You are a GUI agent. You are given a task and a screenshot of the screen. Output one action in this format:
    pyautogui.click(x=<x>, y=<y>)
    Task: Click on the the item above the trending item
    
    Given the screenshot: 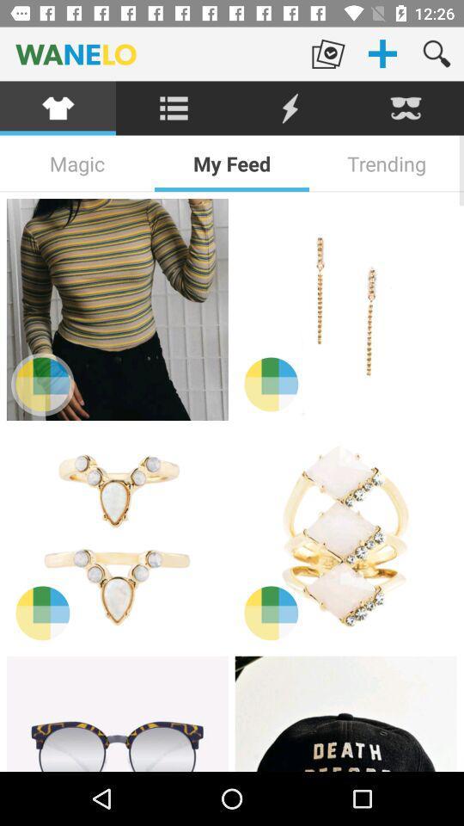 What is the action you would take?
    pyautogui.click(x=406, y=108)
    